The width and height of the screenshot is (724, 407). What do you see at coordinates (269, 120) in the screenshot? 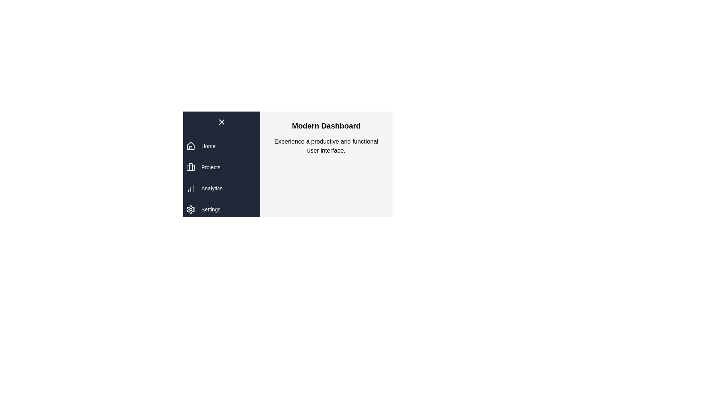
I see `the text 'Modern Dashboard Experience a productive and functional user interface.' in the main content area` at bounding box center [269, 120].